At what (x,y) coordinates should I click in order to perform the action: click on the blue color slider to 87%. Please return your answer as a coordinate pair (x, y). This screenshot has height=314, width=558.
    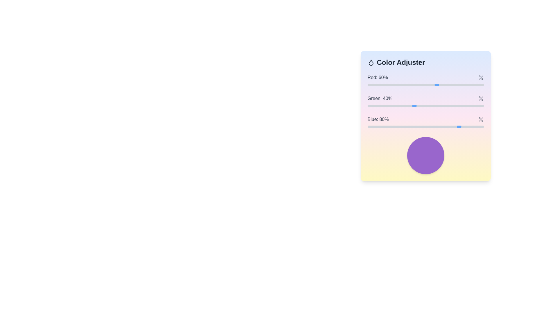
    Looking at the image, I should click on (468, 126).